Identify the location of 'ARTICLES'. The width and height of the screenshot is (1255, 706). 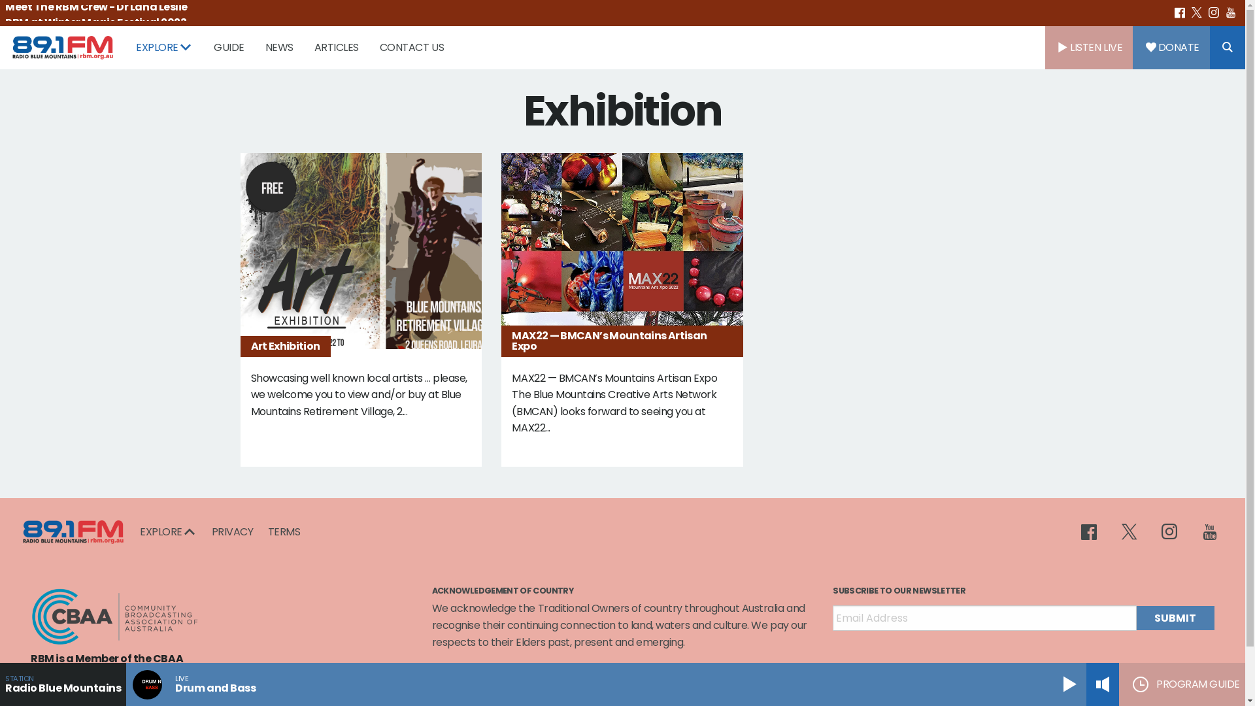
(336, 47).